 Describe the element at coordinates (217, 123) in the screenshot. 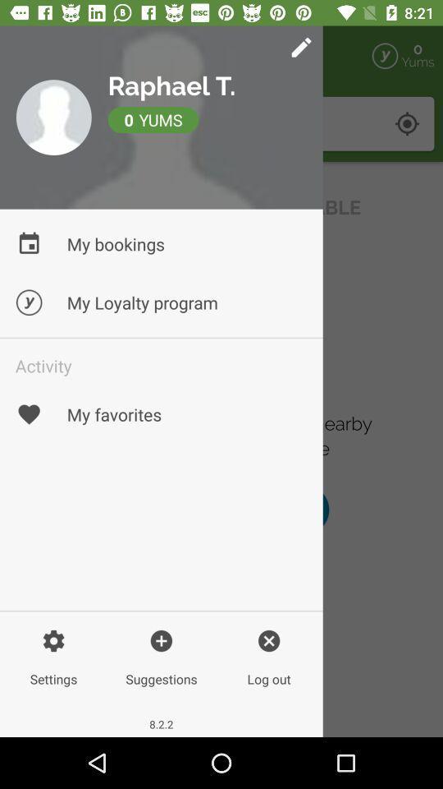

I see `the text 0 yums` at that location.